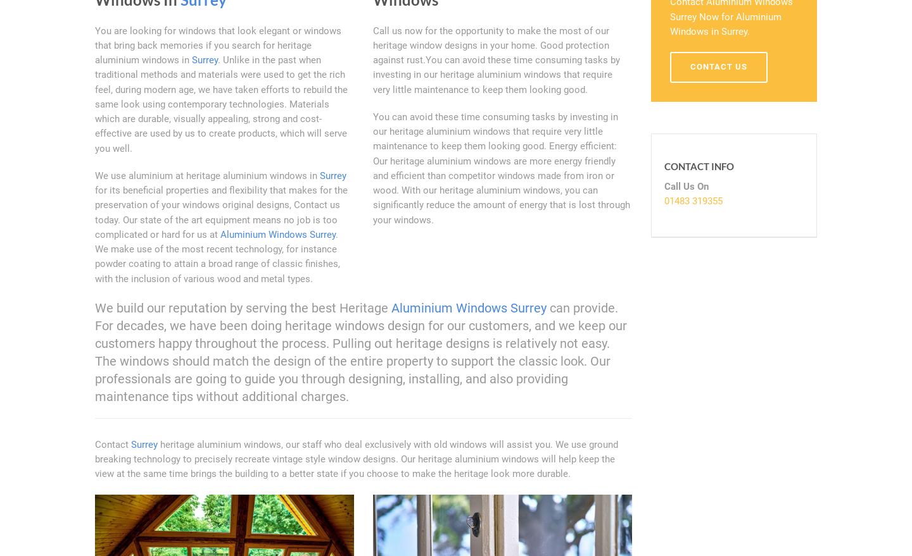 This screenshot has width=912, height=556. What do you see at coordinates (685, 186) in the screenshot?
I see `'Call Us On'` at bounding box center [685, 186].